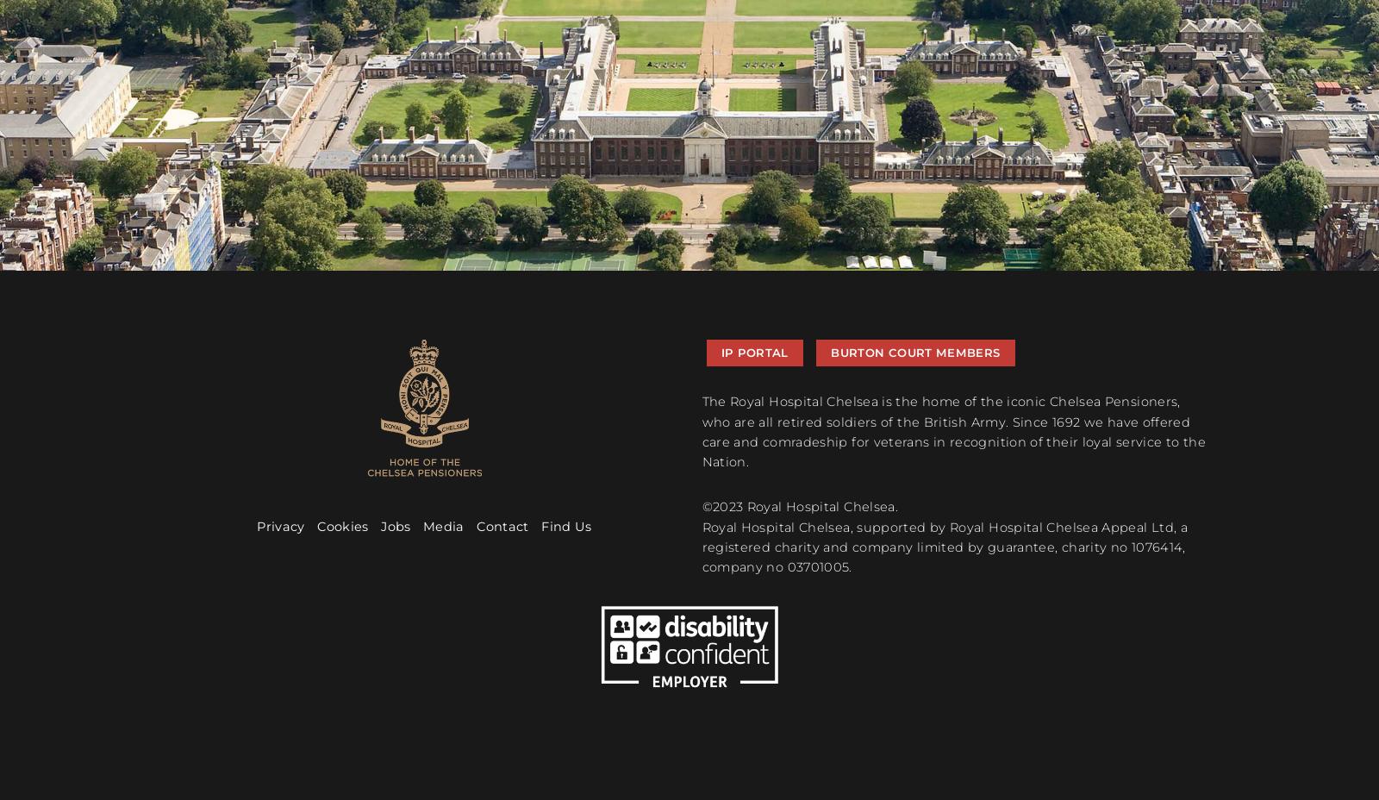 This screenshot has width=1379, height=800. Describe the element at coordinates (395, 526) in the screenshot. I see `'Jobs'` at that location.